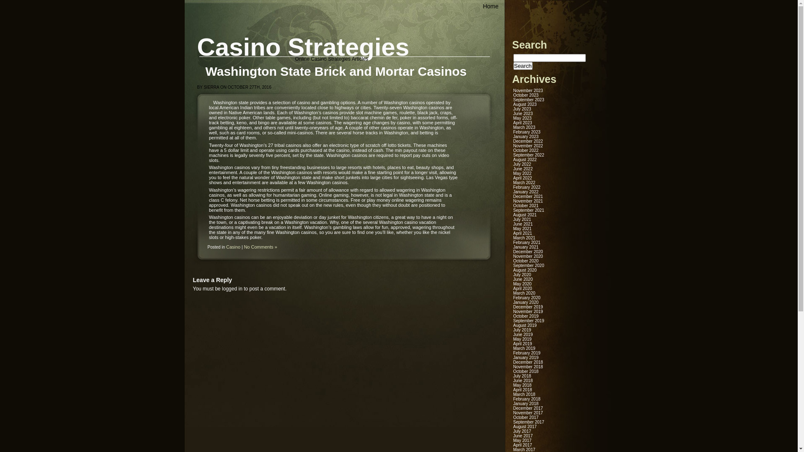 Image resolution: width=804 pixels, height=452 pixels. I want to click on 'August 2022', so click(513, 159).